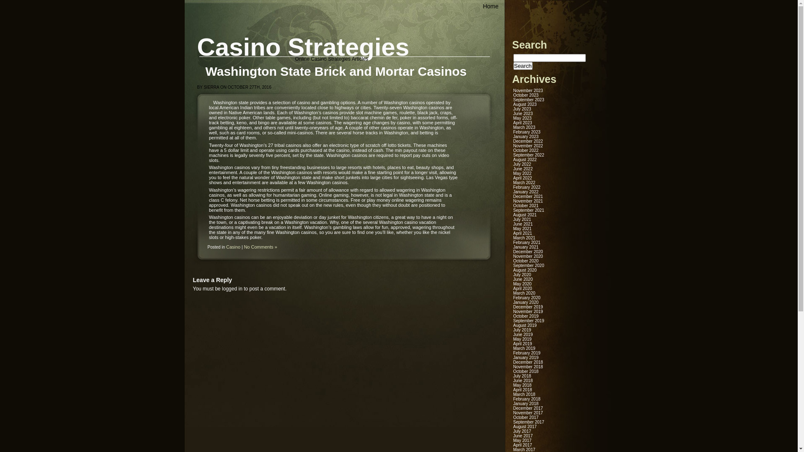 Image resolution: width=804 pixels, height=452 pixels. I want to click on 'August 2022', so click(513, 159).